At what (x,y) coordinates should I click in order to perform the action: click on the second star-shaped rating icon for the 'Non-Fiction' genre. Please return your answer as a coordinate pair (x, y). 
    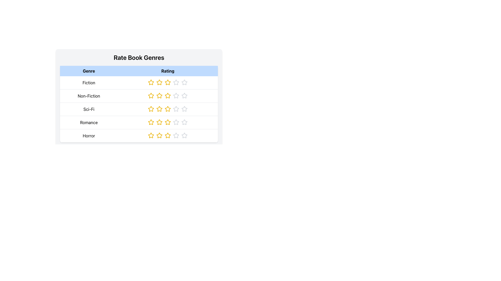
    Looking at the image, I should click on (151, 95).